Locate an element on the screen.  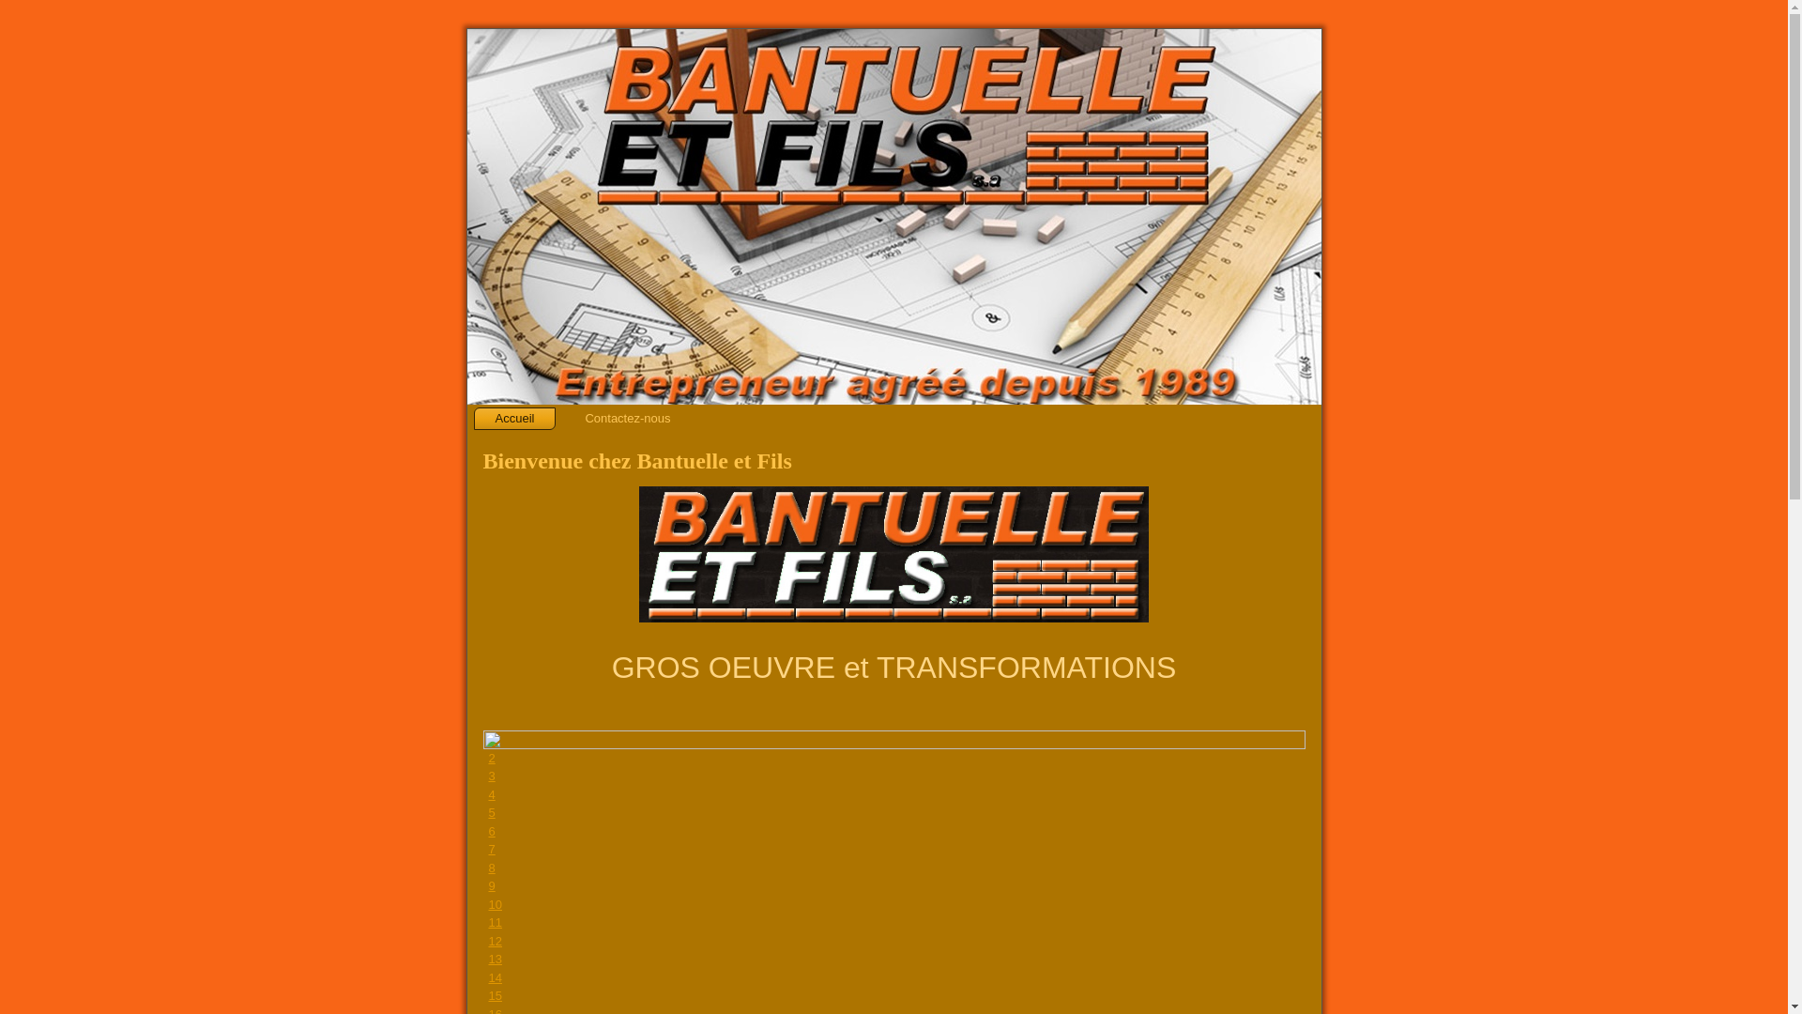
'1' is located at coordinates (491, 738).